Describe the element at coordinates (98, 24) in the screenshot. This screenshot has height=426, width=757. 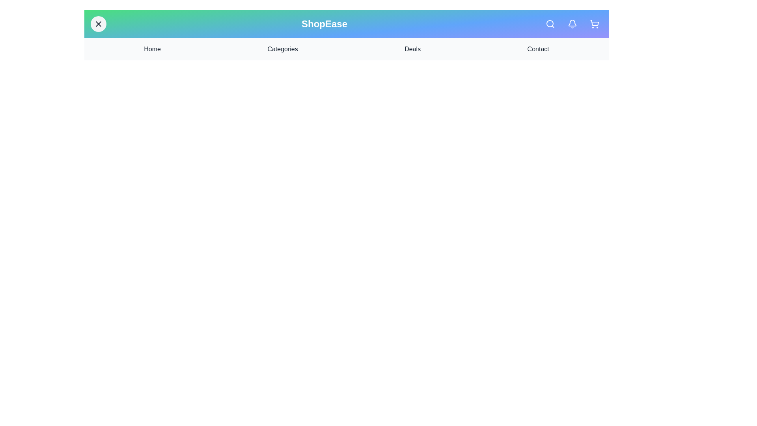
I see `the menu button to toggle the navigation menu visibility` at that location.